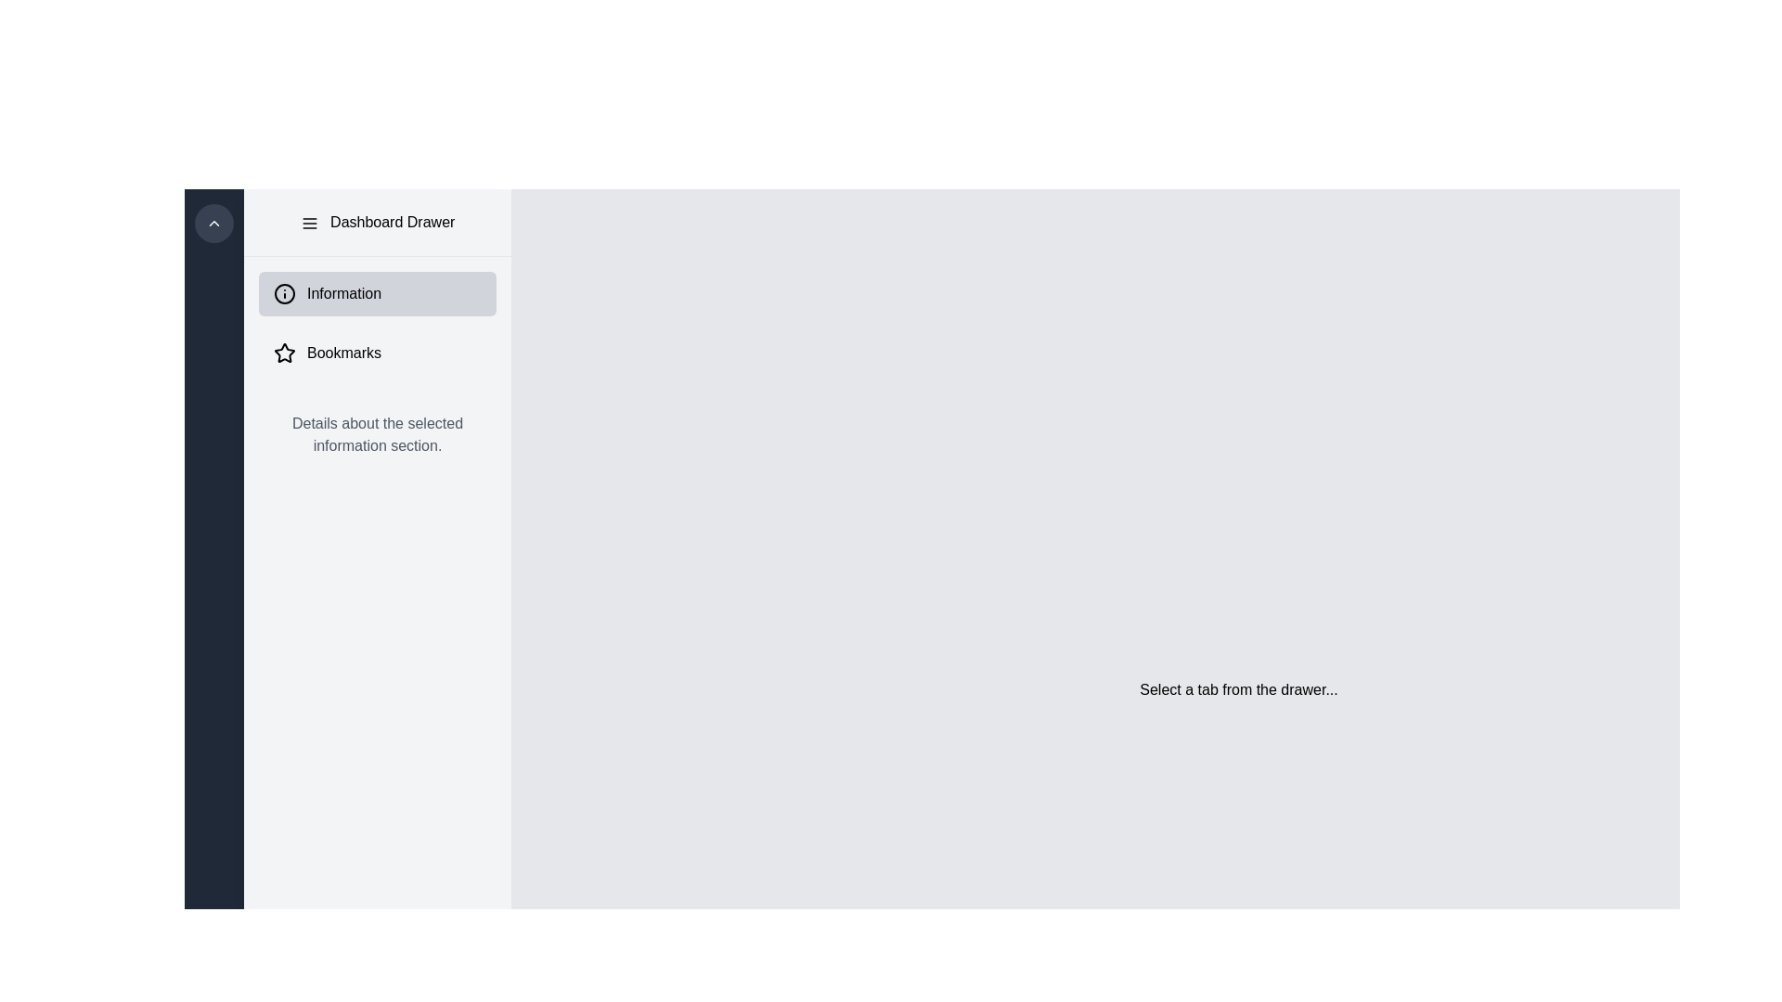 Image resolution: width=1782 pixels, height=1002 pixels. I want to click on the star icon located to the left of the 'Bookmarks' text within the Dashboard Drawer navigation section, so click(284, 353).